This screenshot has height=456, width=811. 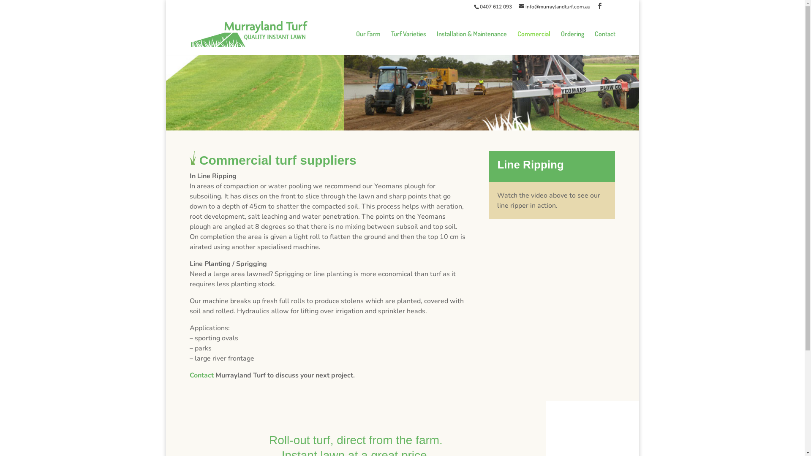 What do you see at coordinates (604, 43) in the screenshot?
I see `'Contact'` at bounding box center [604, 43].